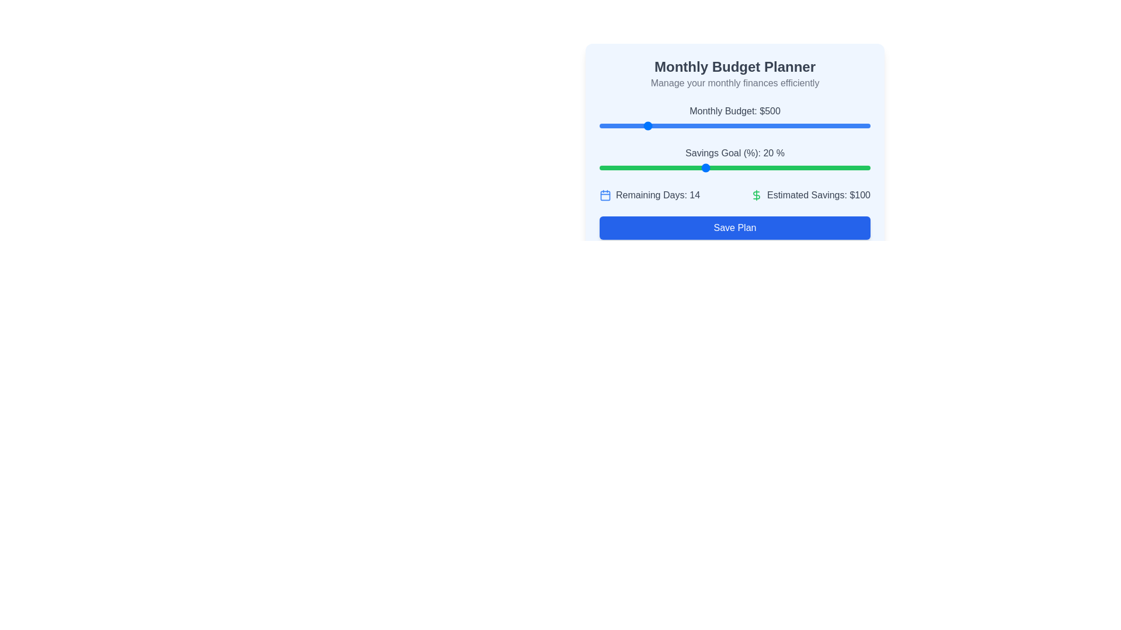 Image resolution: width=1121 pixels, height=630 pixels. What do you see at coordinates (757, 195) in the screenshot?
I see `the curved segment of the dollar sign icon in the SVG graphic to trigger a tooltip or highlight effect` at bounding box center [757, 195].